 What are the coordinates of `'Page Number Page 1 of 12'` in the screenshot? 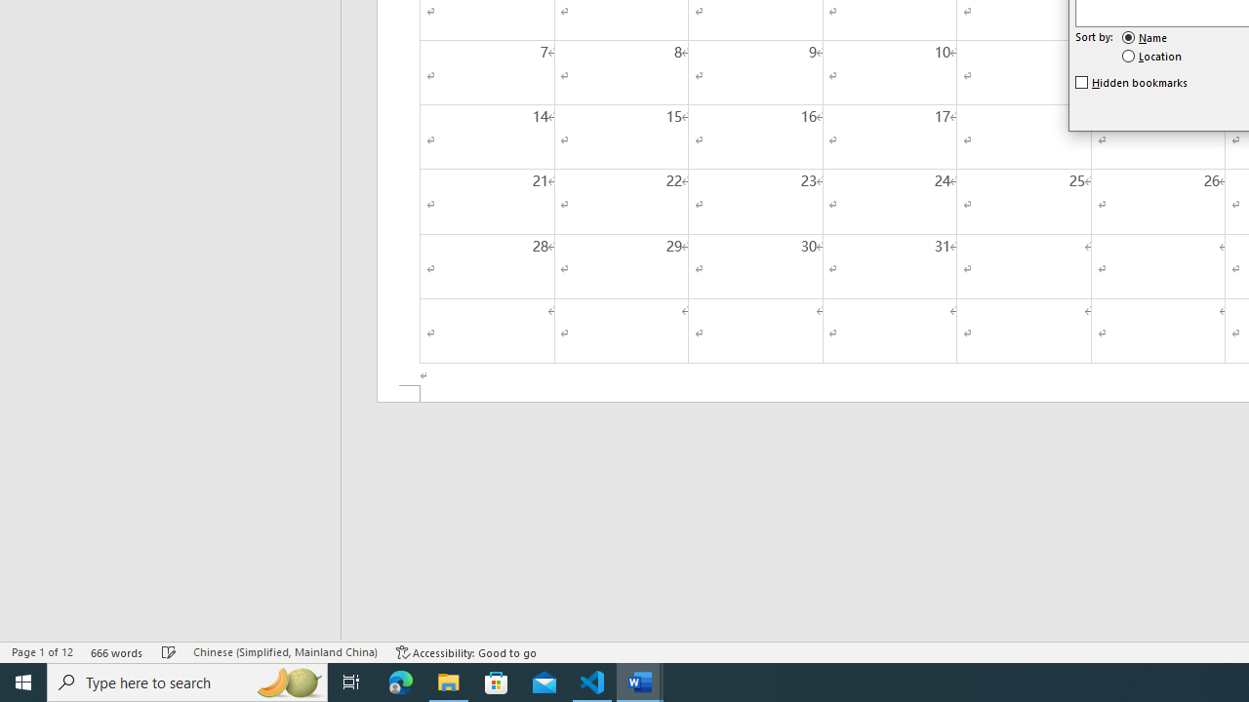 It's located at (42, 652).